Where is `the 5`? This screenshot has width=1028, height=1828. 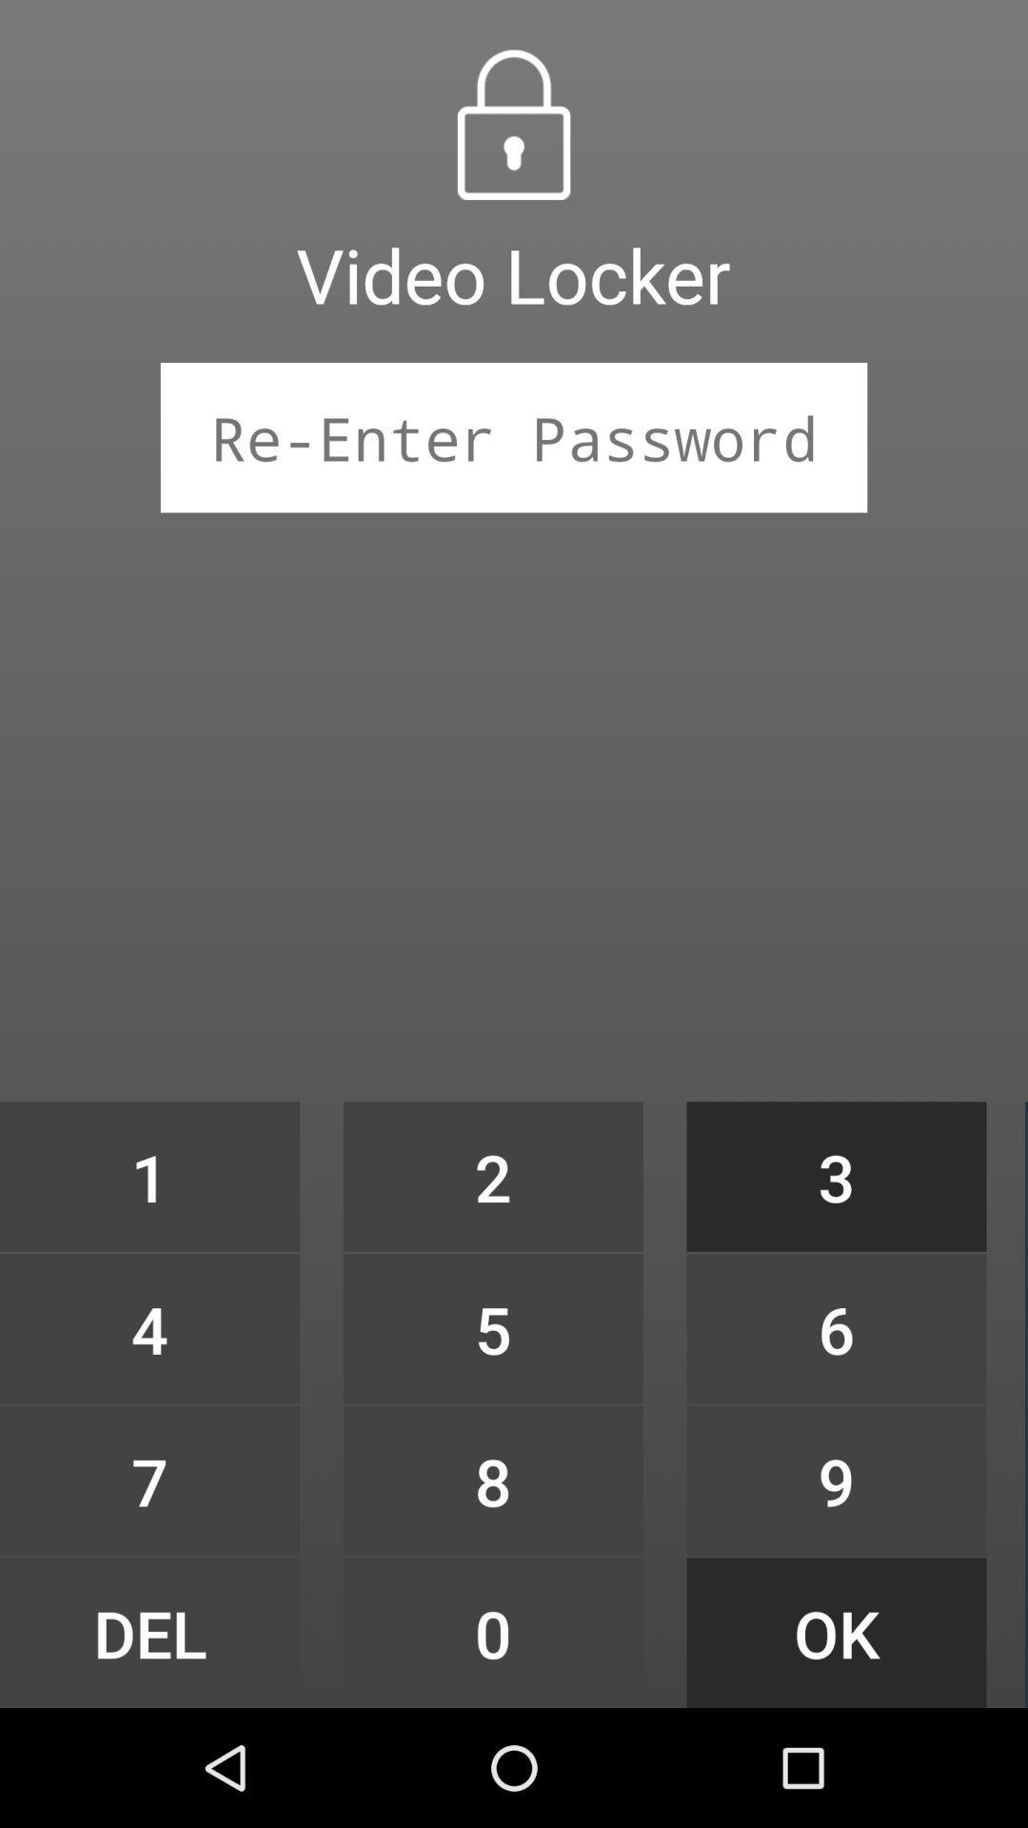
the 5 is located at coordinates (492, 1327).